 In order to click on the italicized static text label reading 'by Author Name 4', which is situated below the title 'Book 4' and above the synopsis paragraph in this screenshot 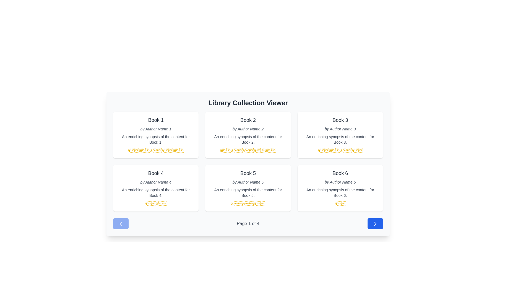, I will do `click(155, 182)`.